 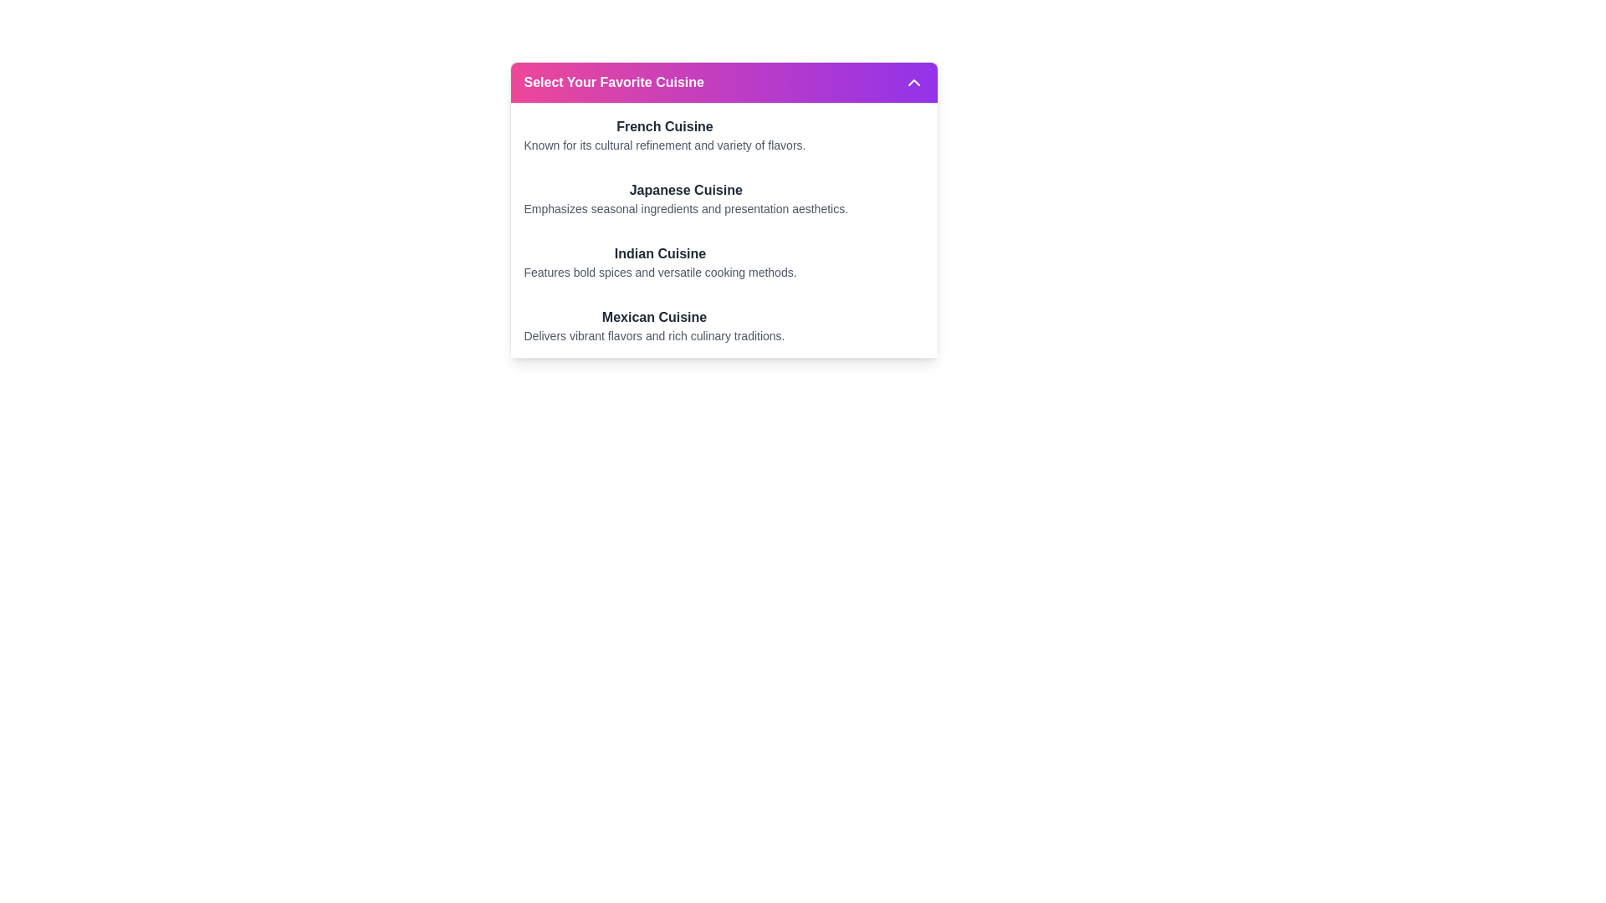 I want to click on the upward-pointing chevron icon located at the far-right end of the purple bar labeled 'Select Your Favorite Cuisine', so click(x=913, y=83).